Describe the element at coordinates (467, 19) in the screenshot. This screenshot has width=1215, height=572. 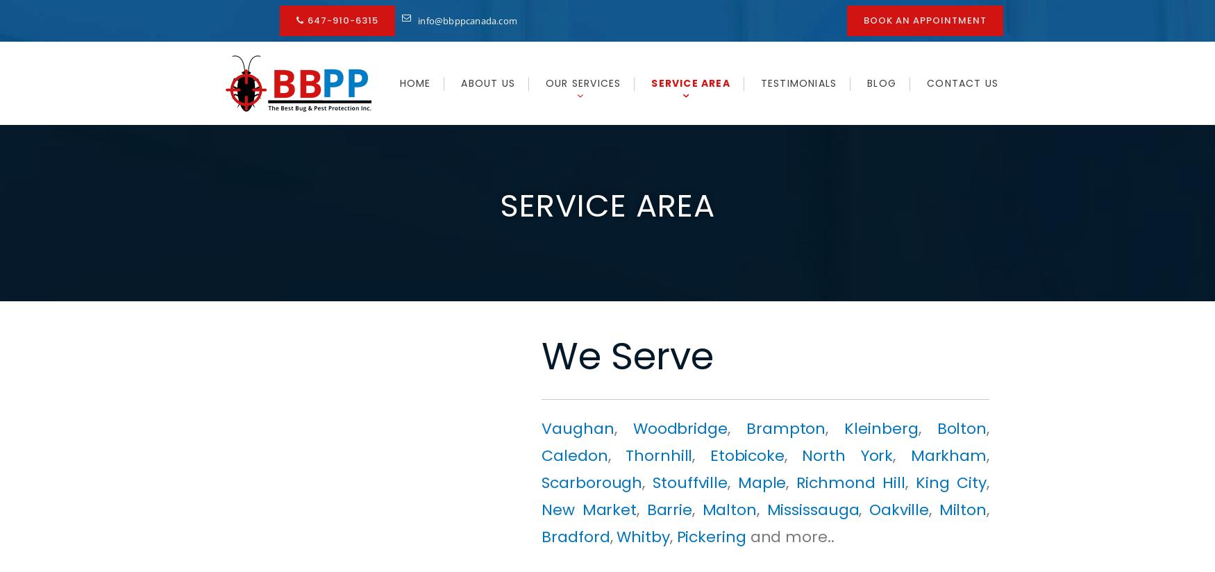
I see `'info@bbppcanada.com'` at that location.